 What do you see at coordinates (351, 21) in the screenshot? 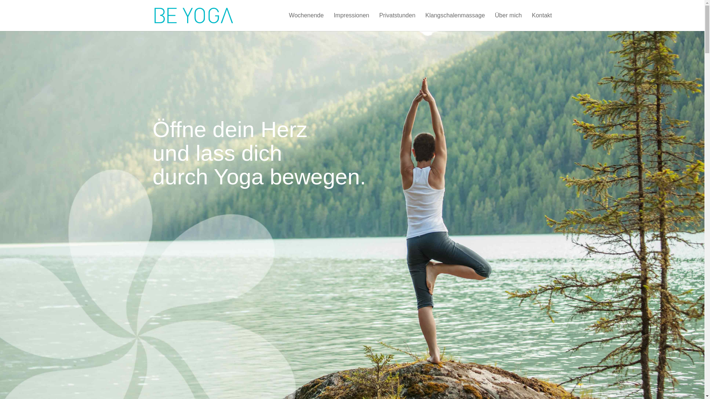
I see `'Impressionen'` at bounding box center [351, 21].